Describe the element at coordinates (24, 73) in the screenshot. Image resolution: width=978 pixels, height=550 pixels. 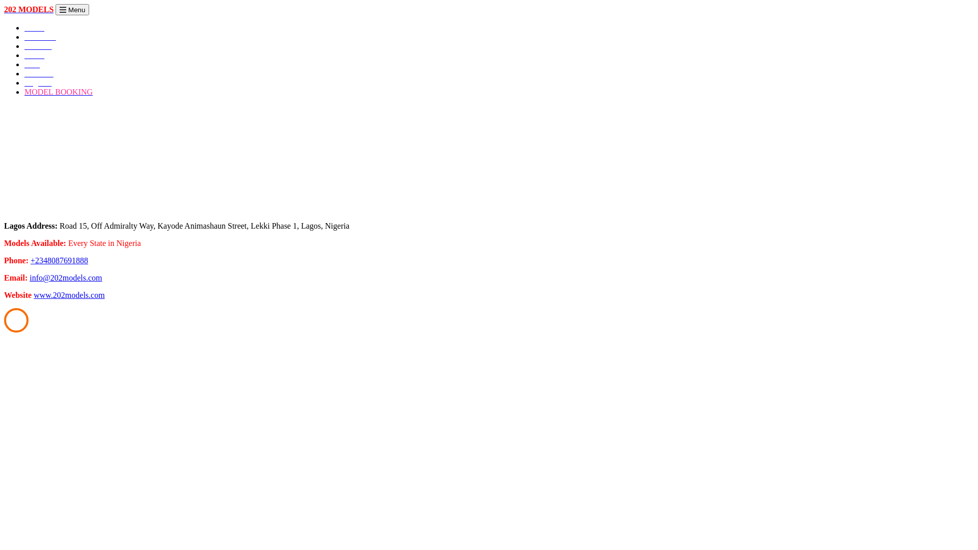
I see `'Portfolio'` at that location.